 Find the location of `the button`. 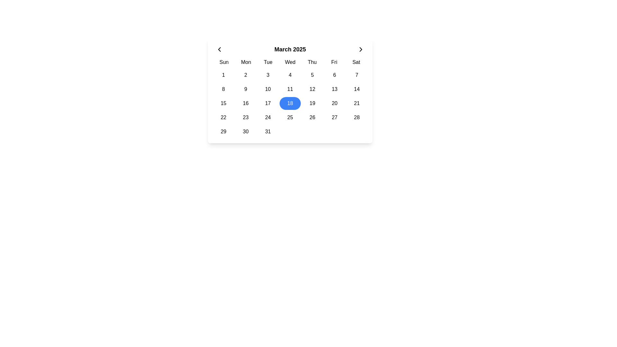

the button is located at coordinates (219, 49).